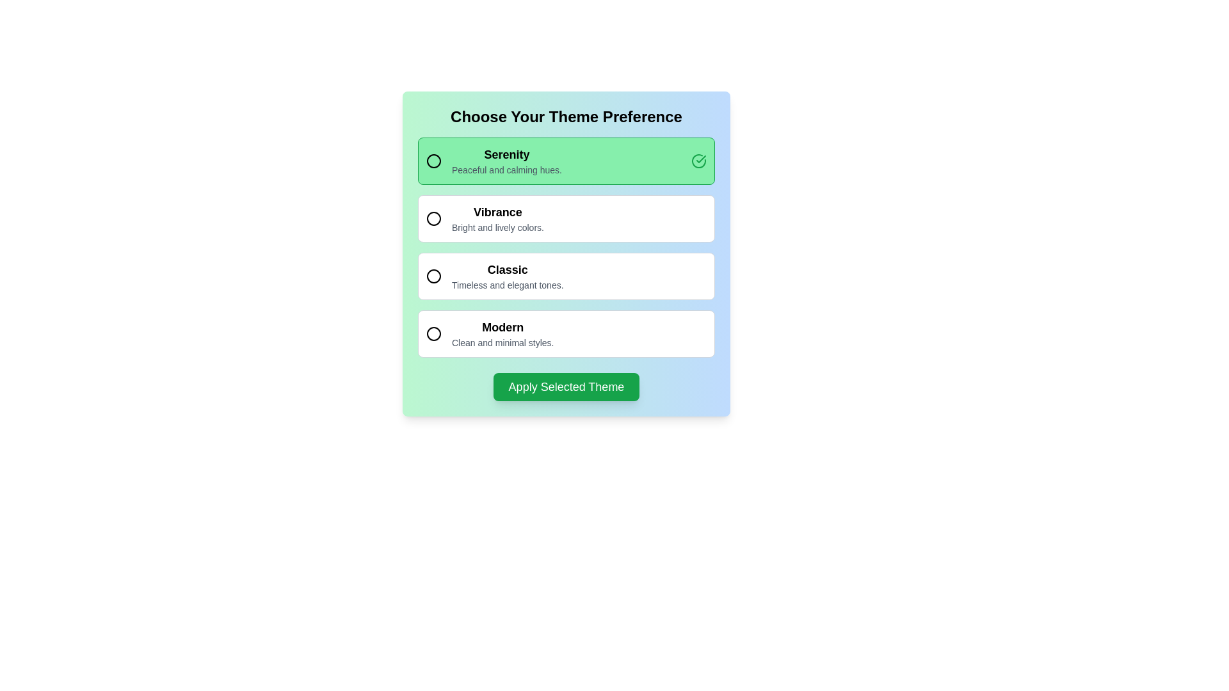  Describe the element at coordinates (698, 160) in the screenshot. I see `the visual state of the Checkmark icon, a circular icon with a green checkmark inside it, located at the top-right corner of the 'Serenity' theme option card` at that location.